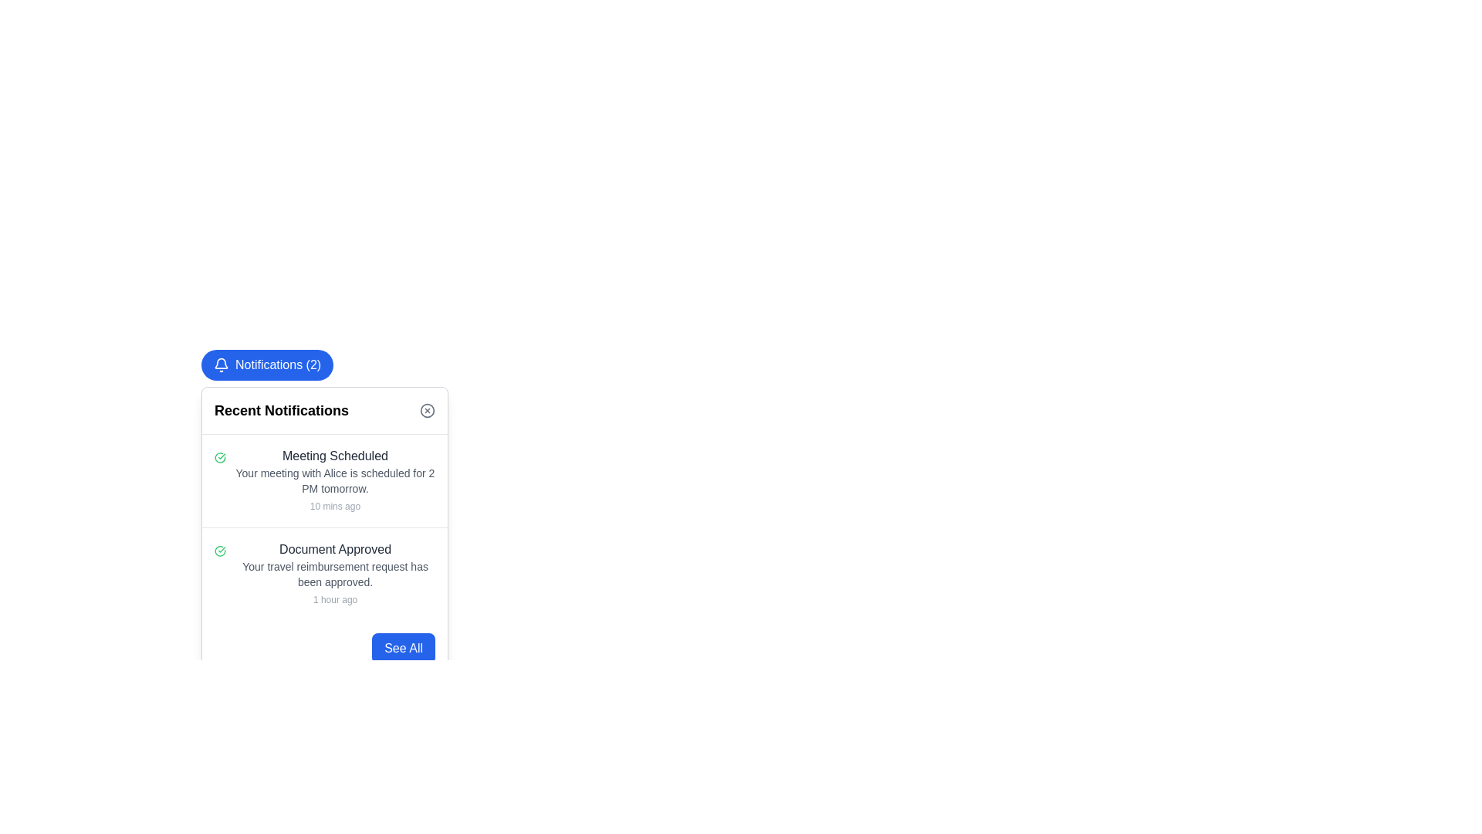  What do you see at coordinates (334, 480) in the screenshot?
I see `the text label indicating a scheduled meeting with Alice` at bounding box center [334, 480].